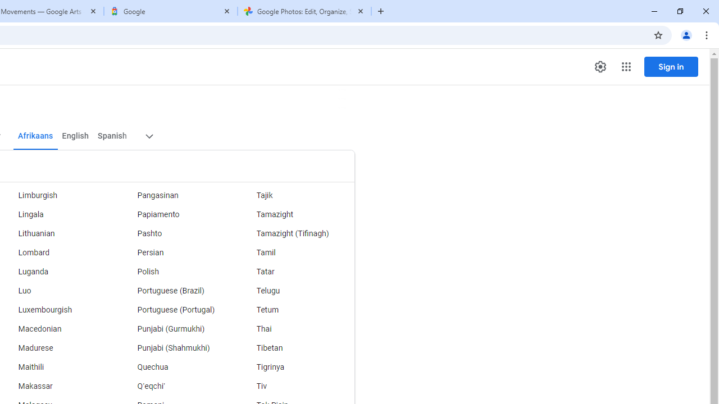 Image resolution: width=719 pixels, height=404 pixels. Describe the element at coordinates (175, 272) in the screenshot. I see `'Polish'` at that location.